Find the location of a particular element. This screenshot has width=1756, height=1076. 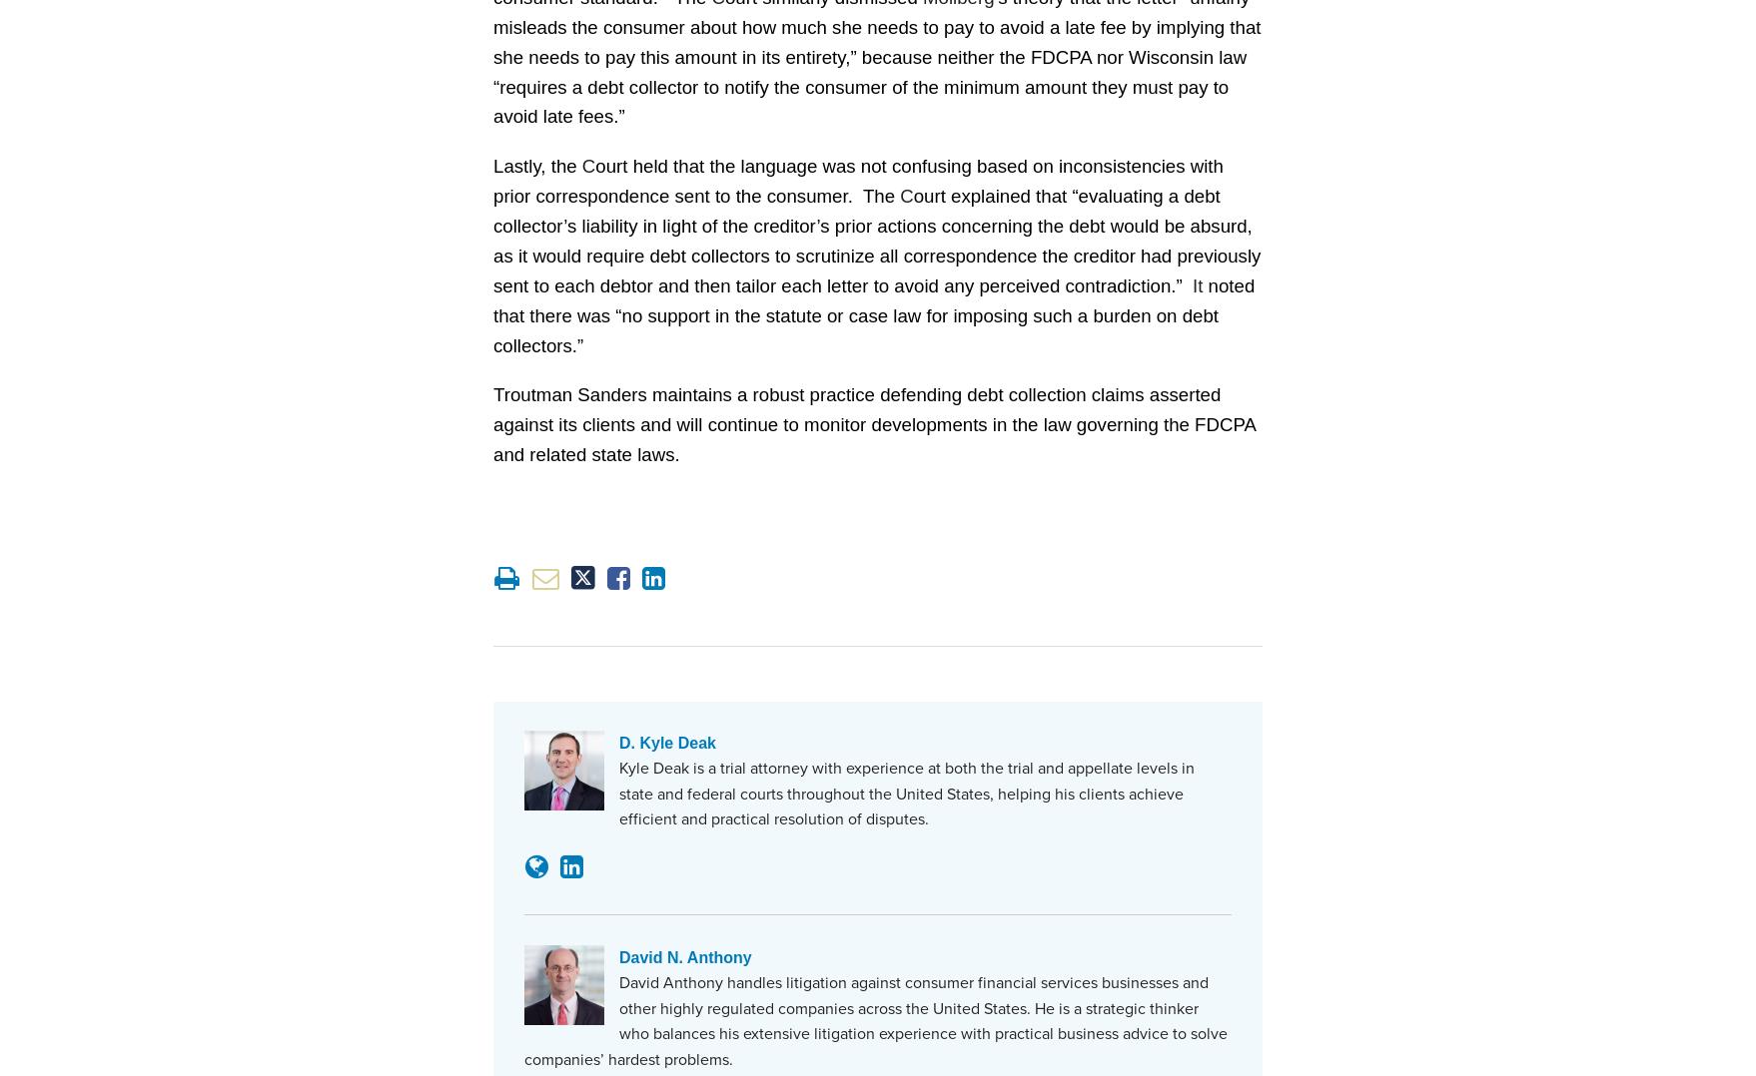

'ourt explained that “evaluating a debt collector’s liability in light of the creditor’s prior actions concerning the debt would be absurd, as it would require debt collectors to scrutinize all correspondence the creditor had previously sent to each debtor and then tailor each letter to avoid any perceived contradiction.”' is located at coordinates (875, 238).